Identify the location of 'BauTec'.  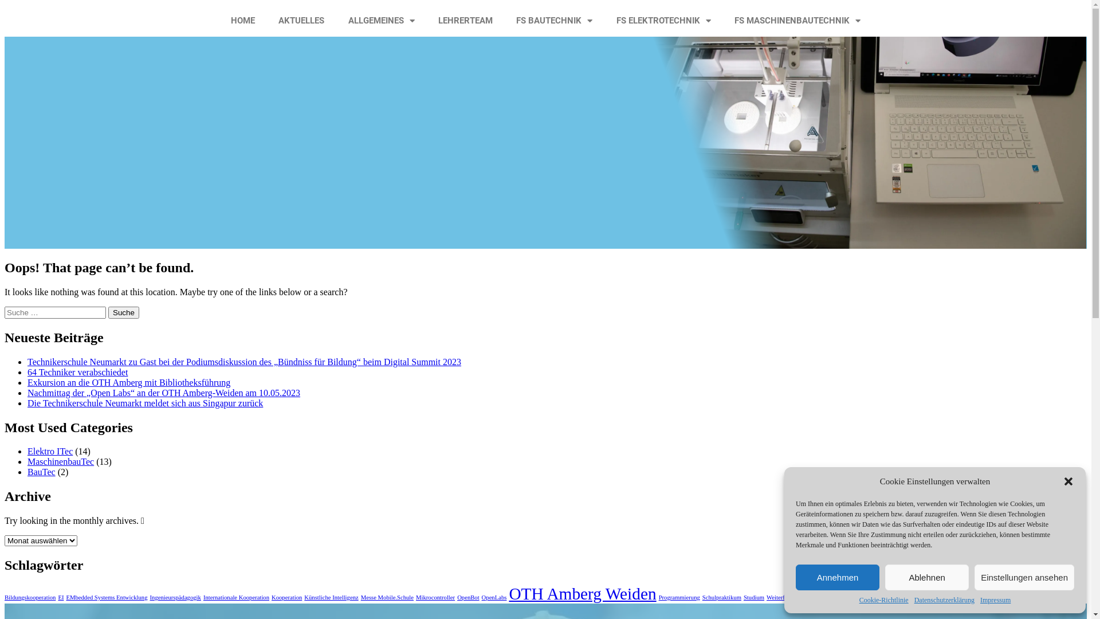
(41, 472).